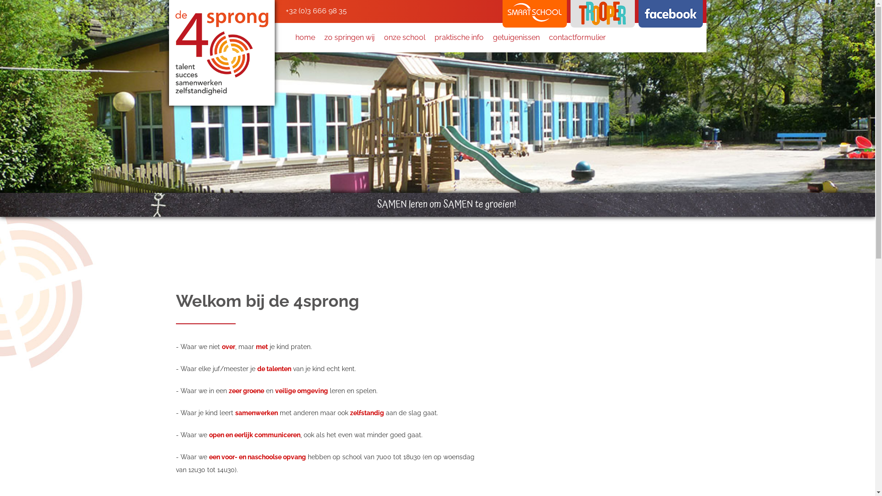 The image size is (882, 496). I want to click on 'onze school', so click(404, 37).